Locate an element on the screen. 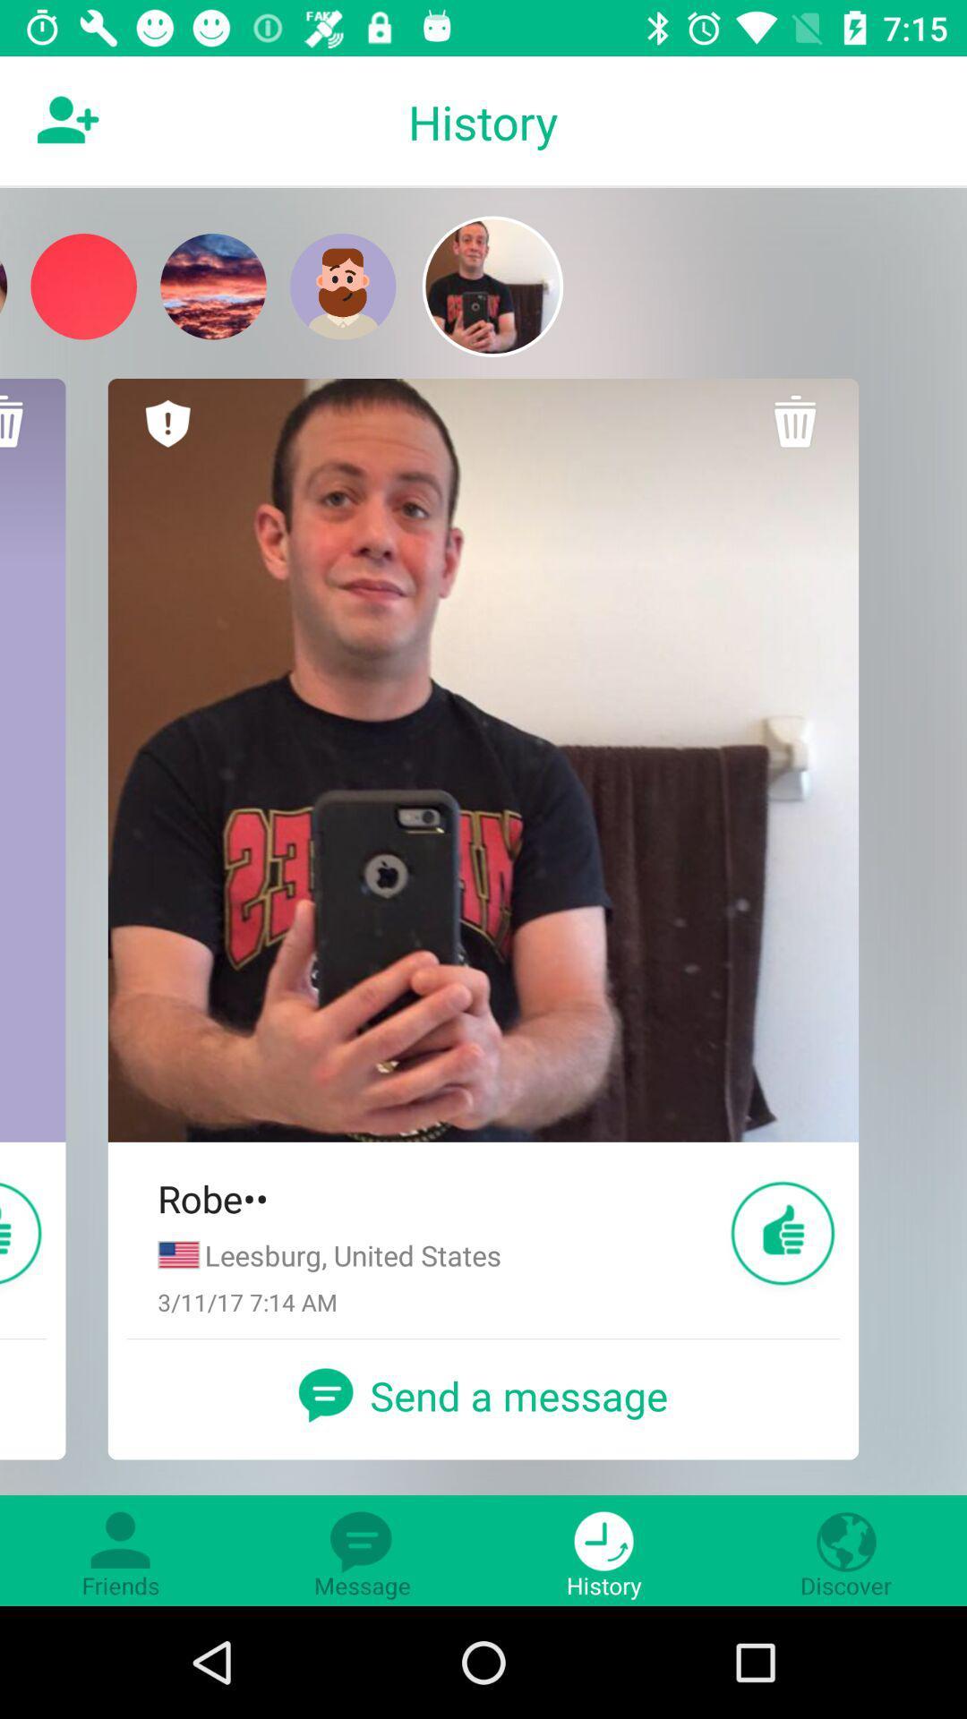 The height and width of the screenshot is (1719, 967). photo above robe is located at coordinates (483, 760).